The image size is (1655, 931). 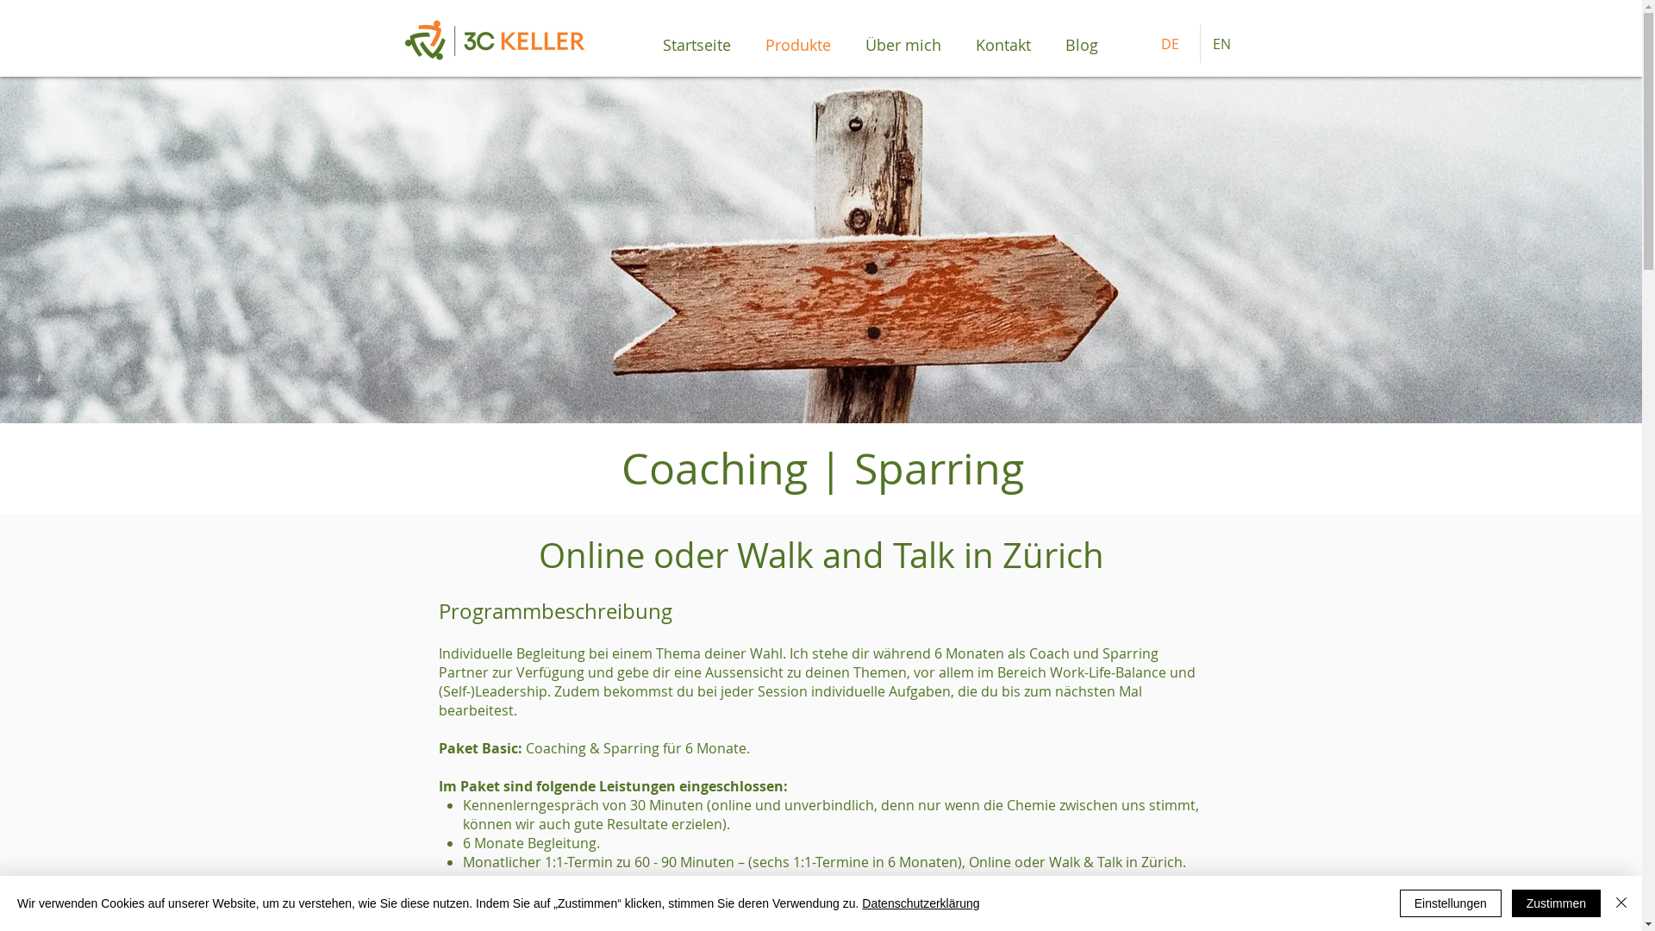 What do you see at coordinates (1002, 43) in the screenshot?
I see `'Kontakt'` at bounding box center [1002, 43].